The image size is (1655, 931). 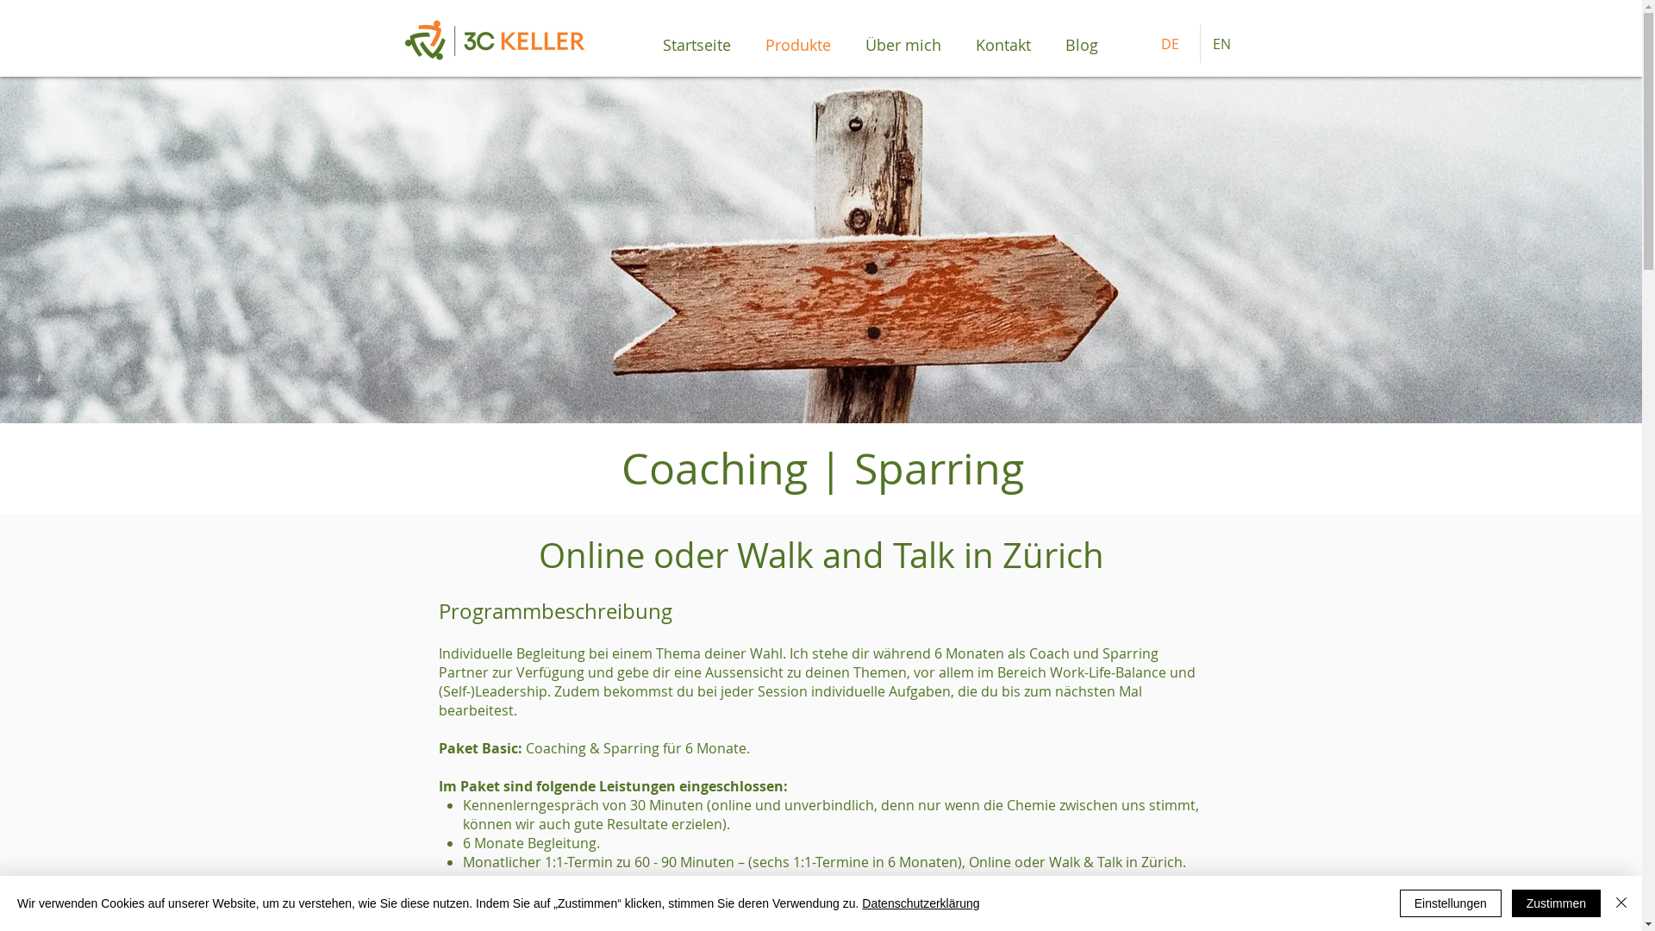 What do you see at coordinates (1002, 43) in the screenshot?
I see `'Kontakt'` at bounding box center [1002, 43].